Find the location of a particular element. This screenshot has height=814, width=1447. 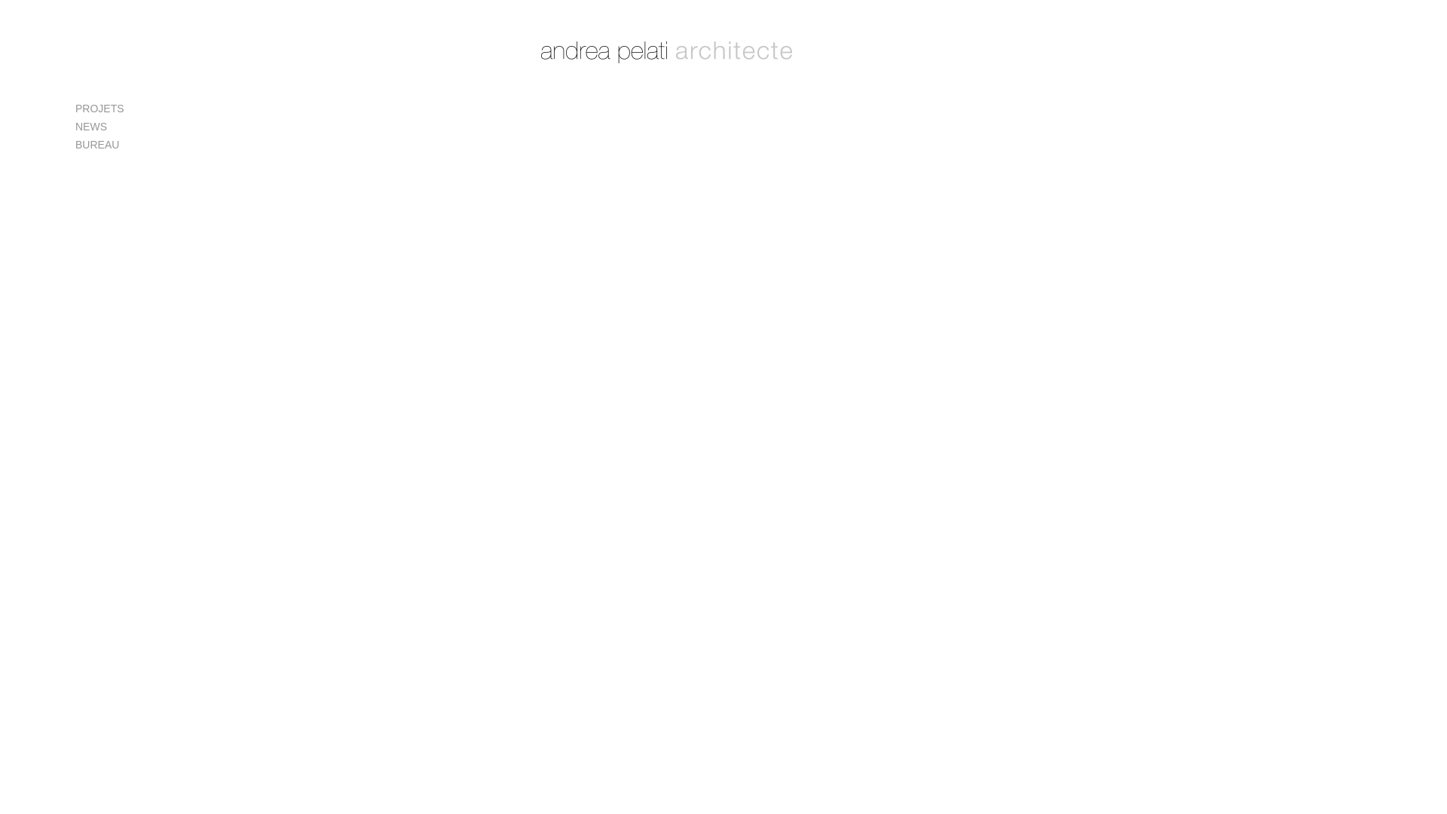

'BUREAU' is located at coordinates (133, 145).